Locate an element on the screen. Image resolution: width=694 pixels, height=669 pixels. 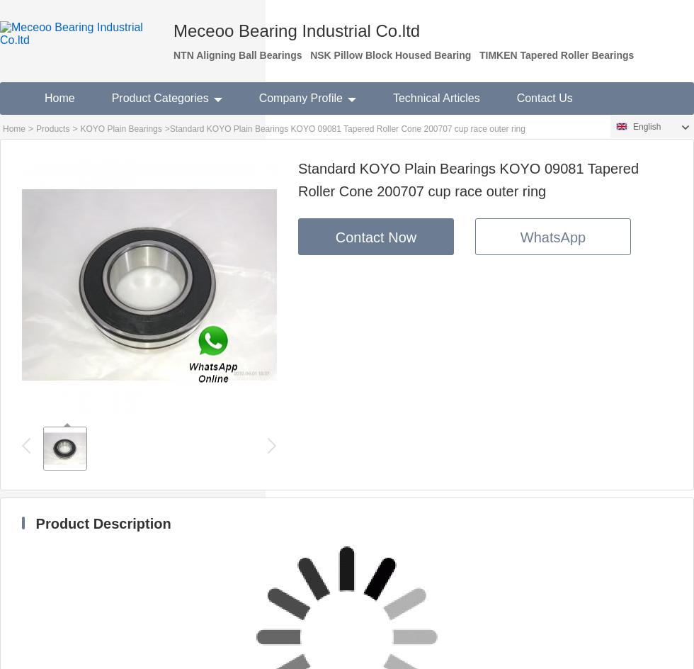
'WhatsApp' is located at coordinates (520, 237).